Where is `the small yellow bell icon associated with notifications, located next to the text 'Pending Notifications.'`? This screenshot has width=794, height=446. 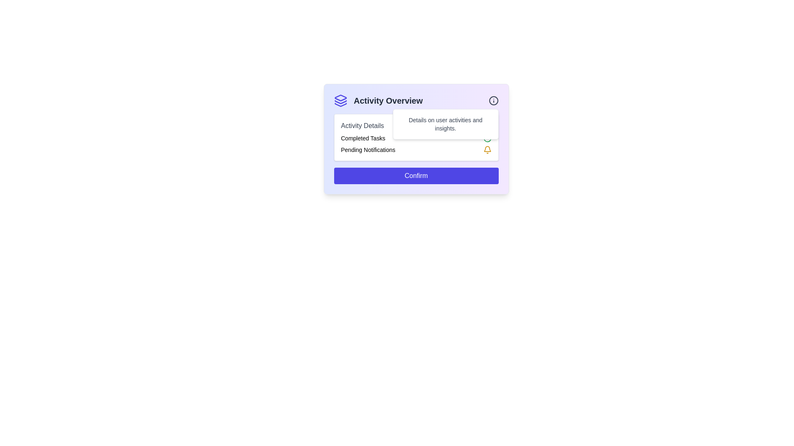 the small yellow bell icon associated with notifications, located next to the text 'Pending Notifications.' is located at coordinates (487, 149).